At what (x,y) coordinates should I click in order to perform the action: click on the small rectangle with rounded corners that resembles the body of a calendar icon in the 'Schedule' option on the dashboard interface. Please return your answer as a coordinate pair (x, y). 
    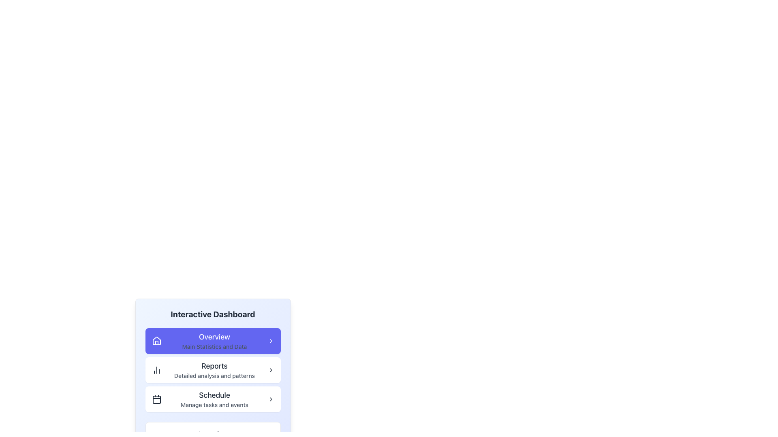
    Looking at the image, I should click on (156, 399).